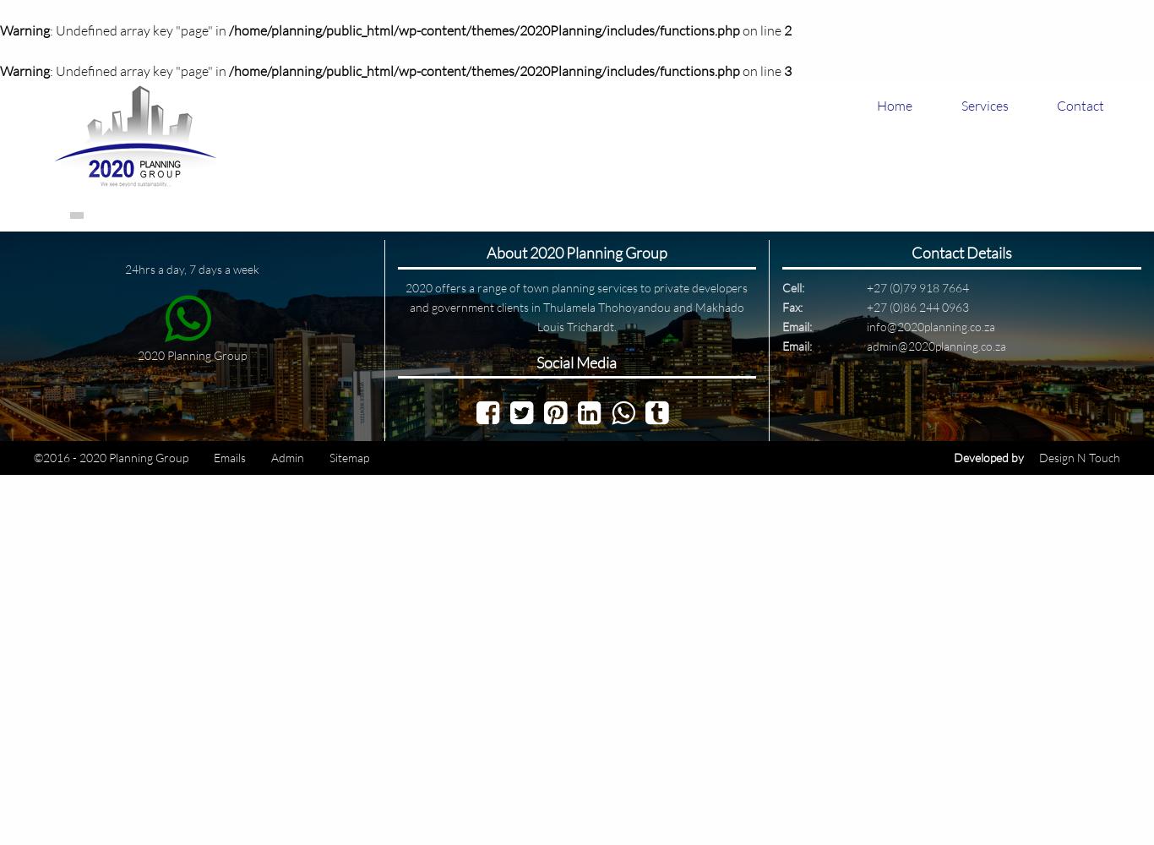 The height and width of the screenshot is (845, 1154). I want to click on '2020 offers a range of town planning services to private developers and government clients in Thulamela Thohoyandou and Makhado Louis Trichardt.', so click(406, 305).